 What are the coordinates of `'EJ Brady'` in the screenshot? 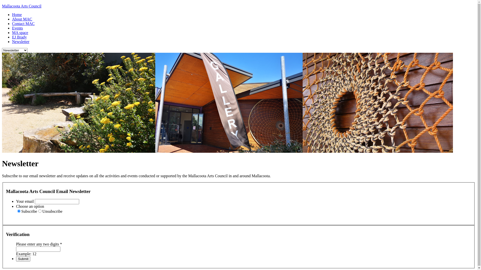 It's located at (19, 37).